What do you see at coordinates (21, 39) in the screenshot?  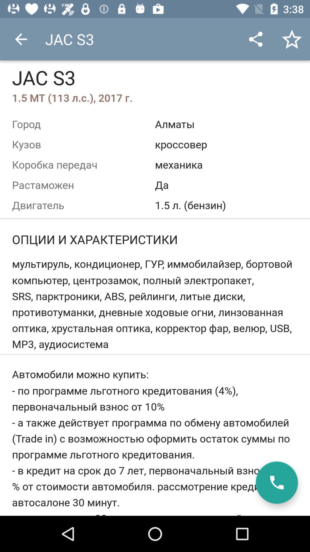 I see `app next to the jac s3 icon` at bounding box center [21, 39].